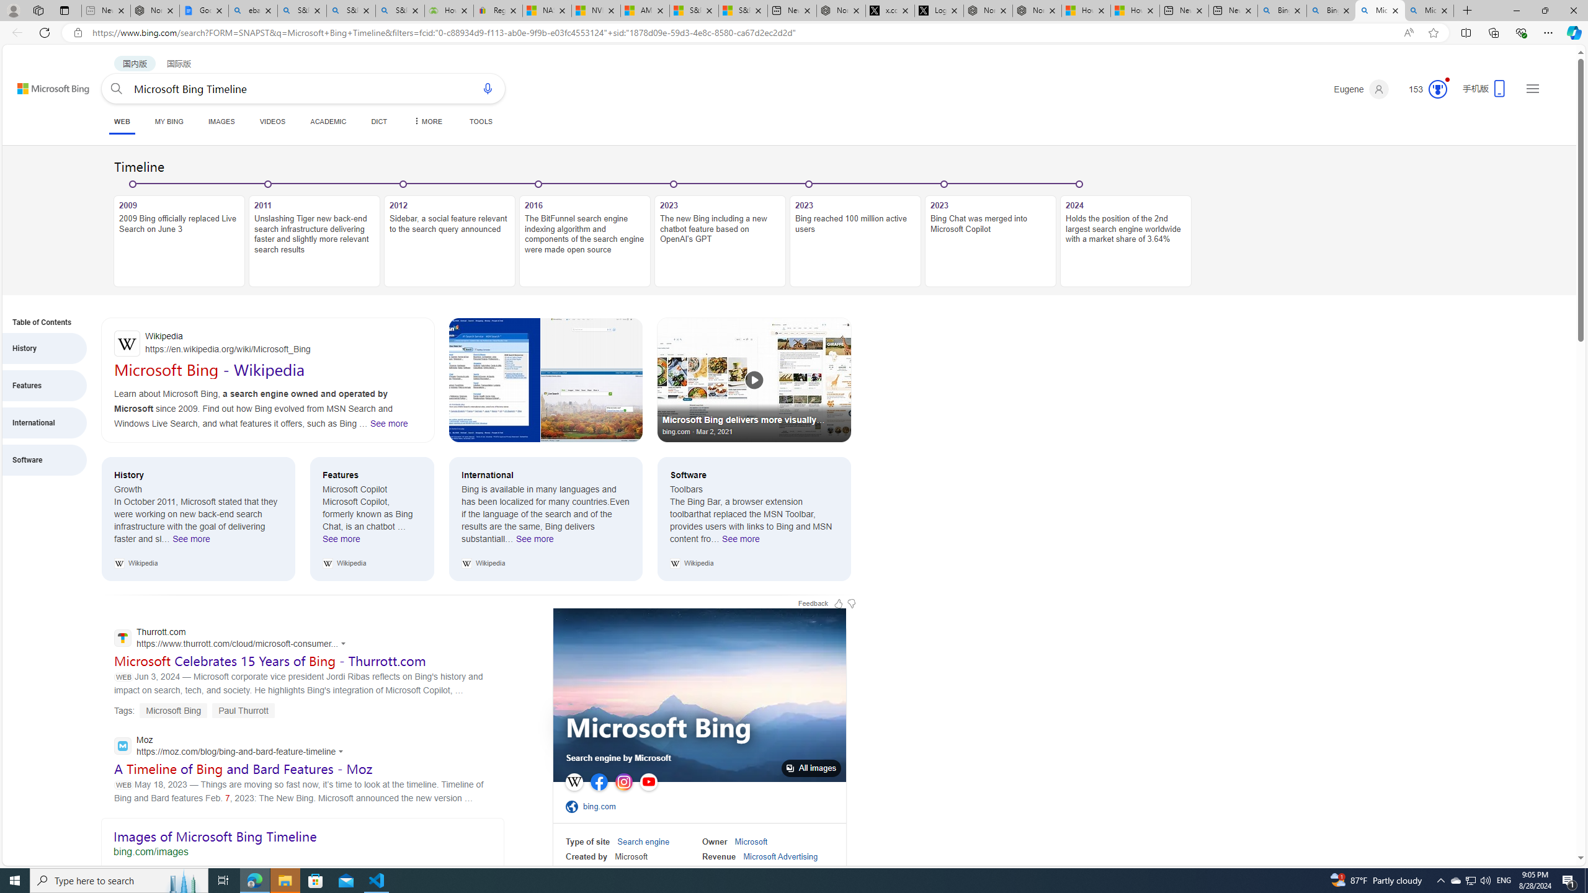 This screenshot has height=893, width=1588. I want to click on 'Thurrott.com', so click(233, 639).